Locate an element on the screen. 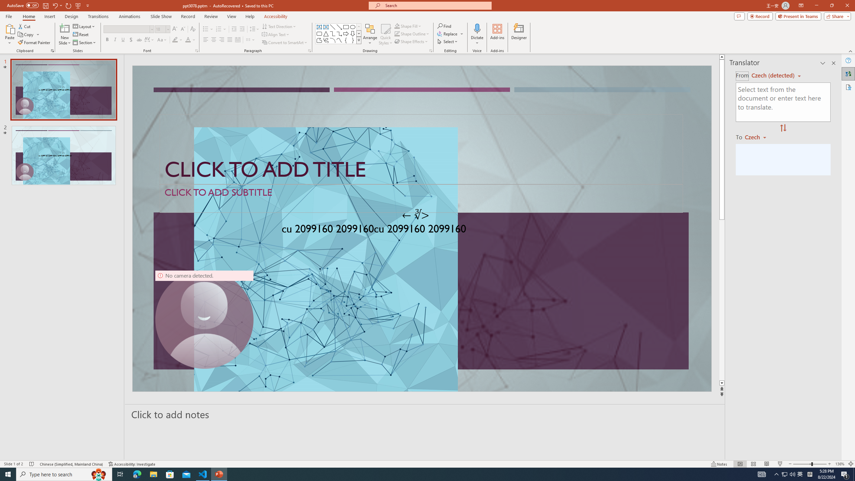  'Camera 9, No camera detected.' is located at coordinates (204, 319).